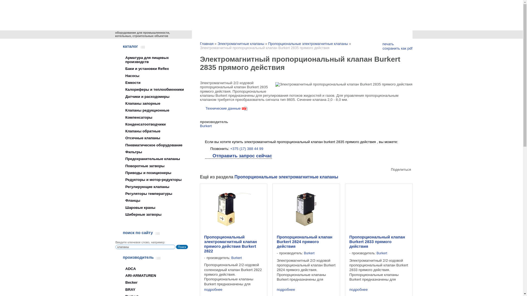 The image size is (527, 296). Describe the element at coordinates (151, 289) in the screenshot. I see `'BRAY'` at that location.